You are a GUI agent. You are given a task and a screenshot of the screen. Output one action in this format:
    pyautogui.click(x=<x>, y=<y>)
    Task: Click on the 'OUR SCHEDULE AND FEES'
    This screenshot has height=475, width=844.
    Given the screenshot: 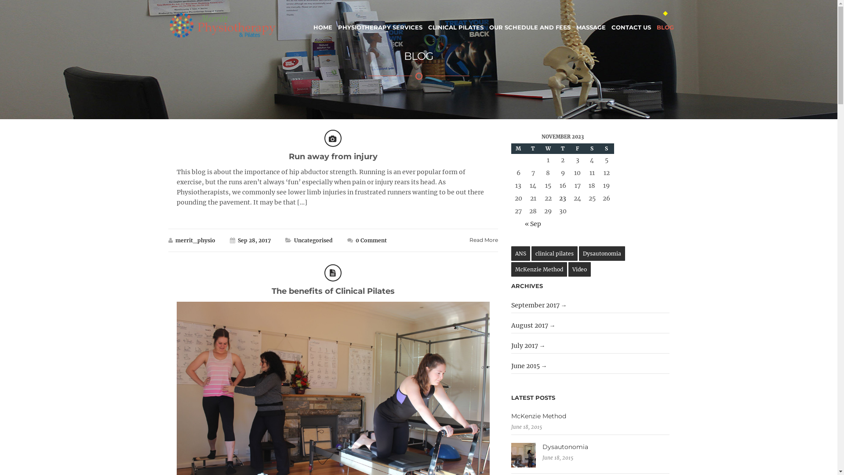 What is the action you would take?
    pyautogui.click(x=529, y=22)
    